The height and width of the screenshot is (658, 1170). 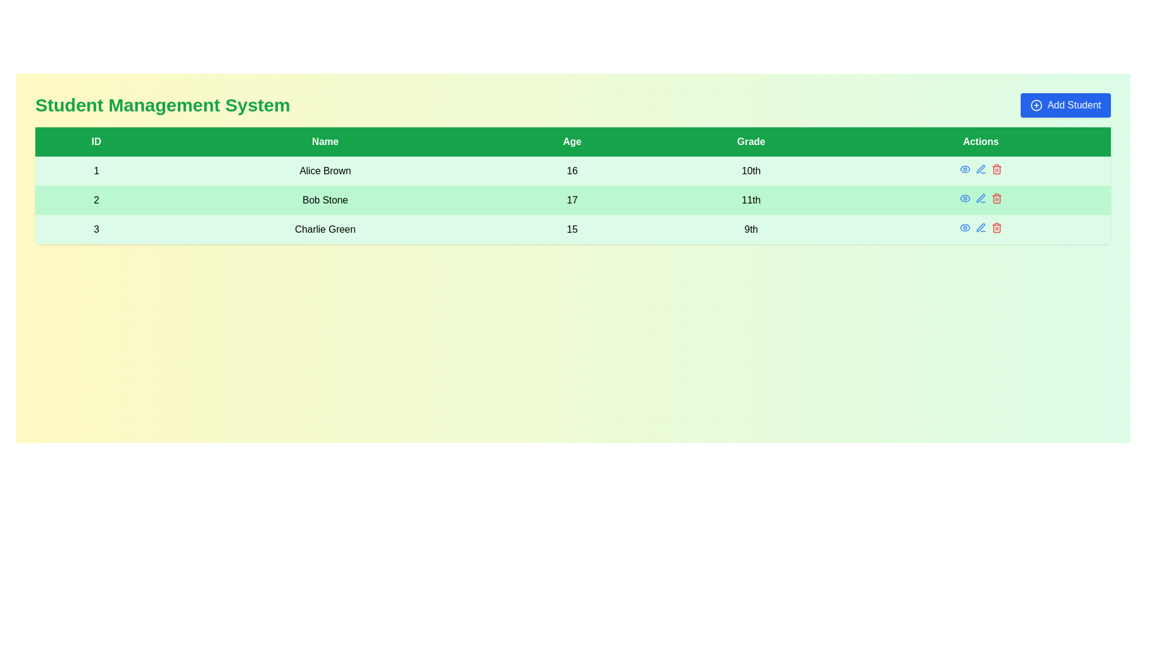 What do you see at coordinates (572, 171) in the screenshot?
I see `the static text field displaying the age of the student ('16') located in the third column of the first row of the student information table` at bounding box center [572, 171].